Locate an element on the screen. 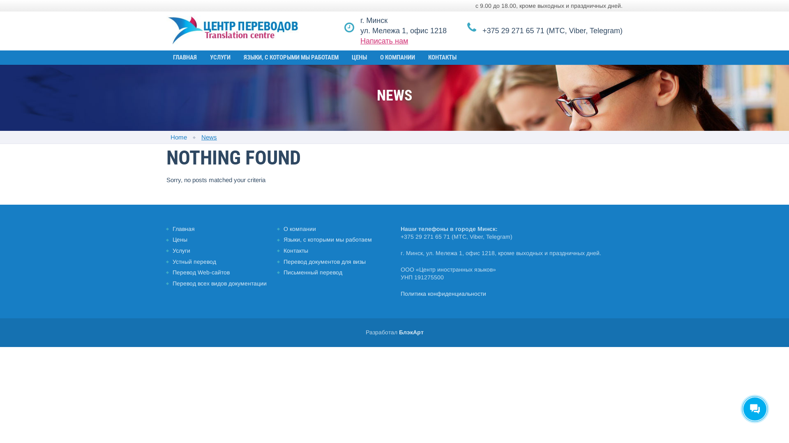  'Home' is located at coordinates (178, 137).